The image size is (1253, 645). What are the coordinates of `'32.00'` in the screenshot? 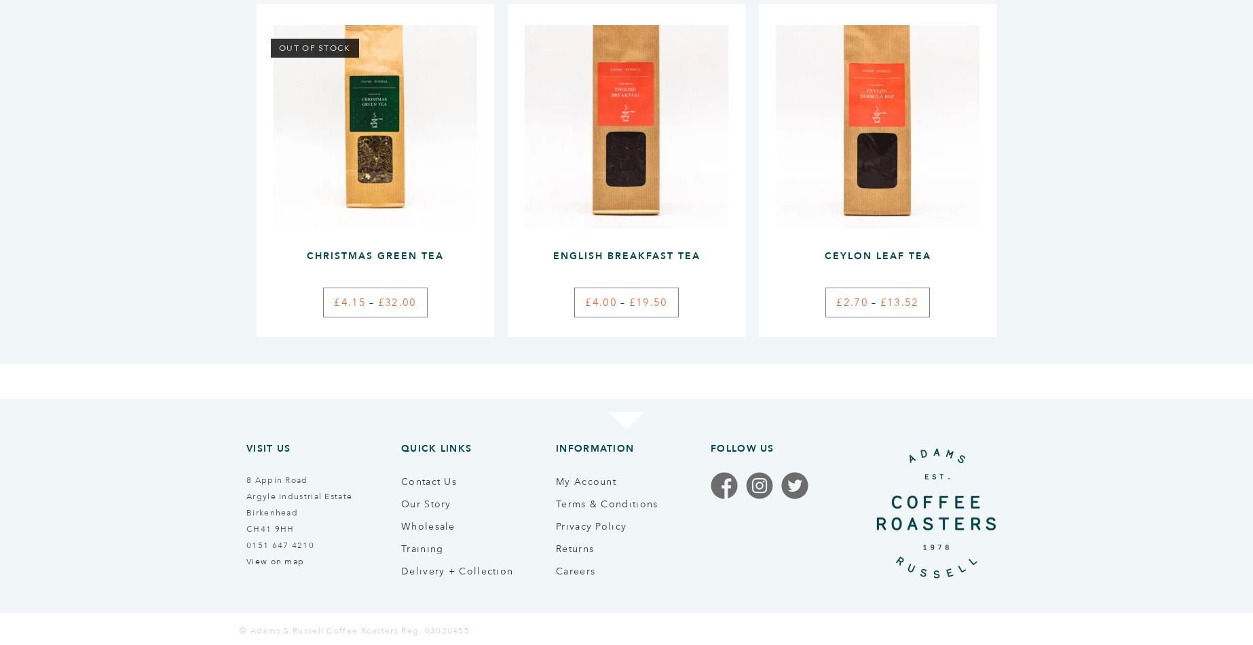 It's located at (399, 301).